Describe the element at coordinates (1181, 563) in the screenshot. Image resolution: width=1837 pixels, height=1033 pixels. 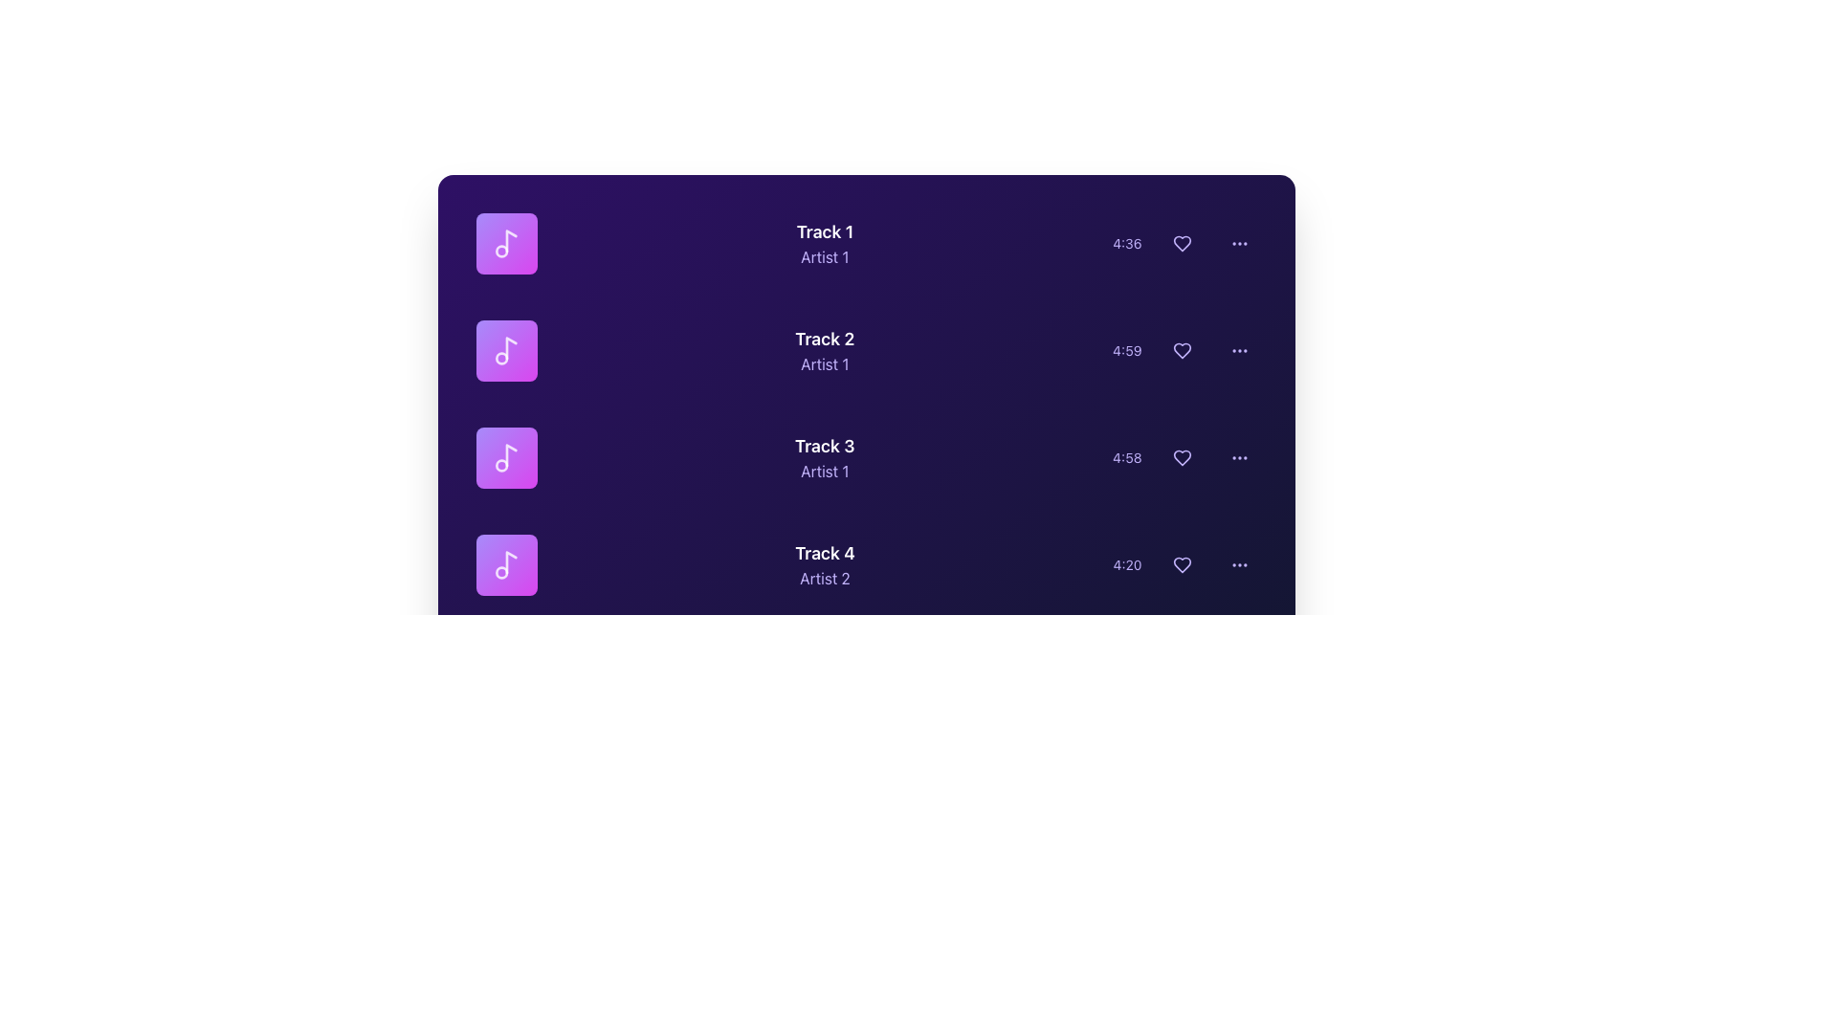
I see `the favorite button for Track 4, located at the far right of the Track 4 entry` at that location.